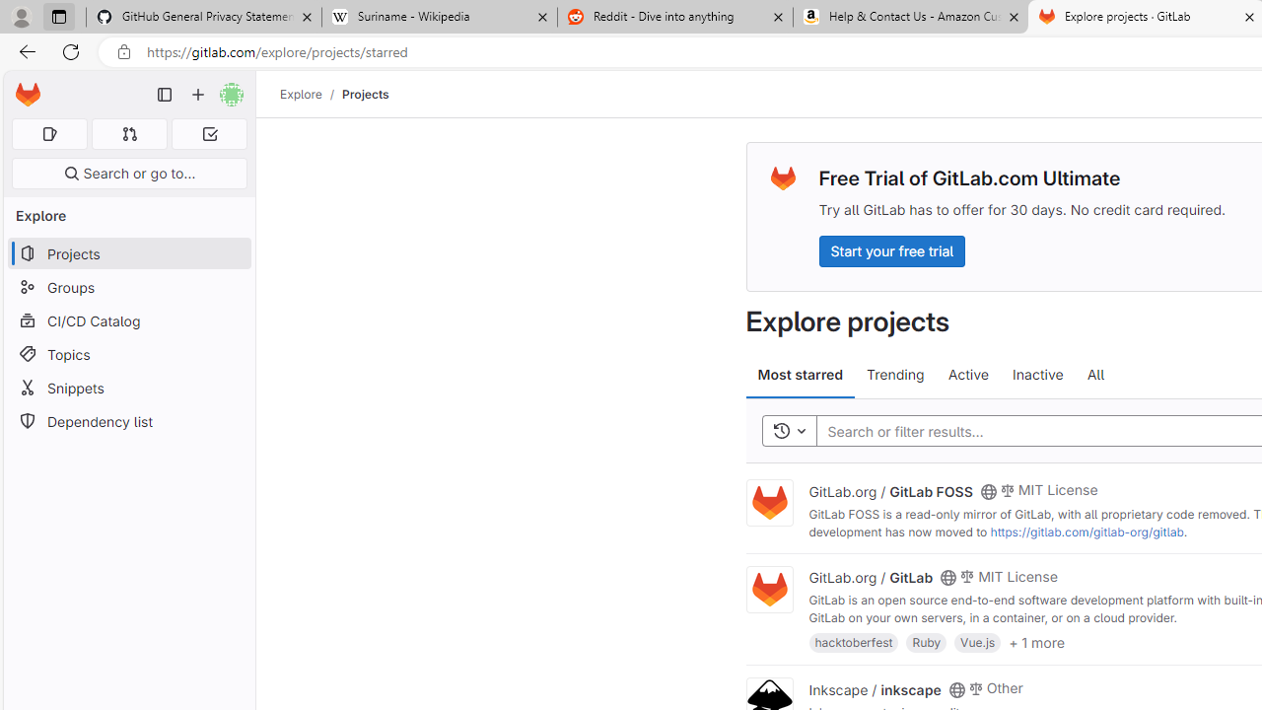 The height and width of the screenshot is (710, 1262). Describe the element at coordinates (874, 687) in the screenshot. I see `'Inkscape / inkscape'` at that location.